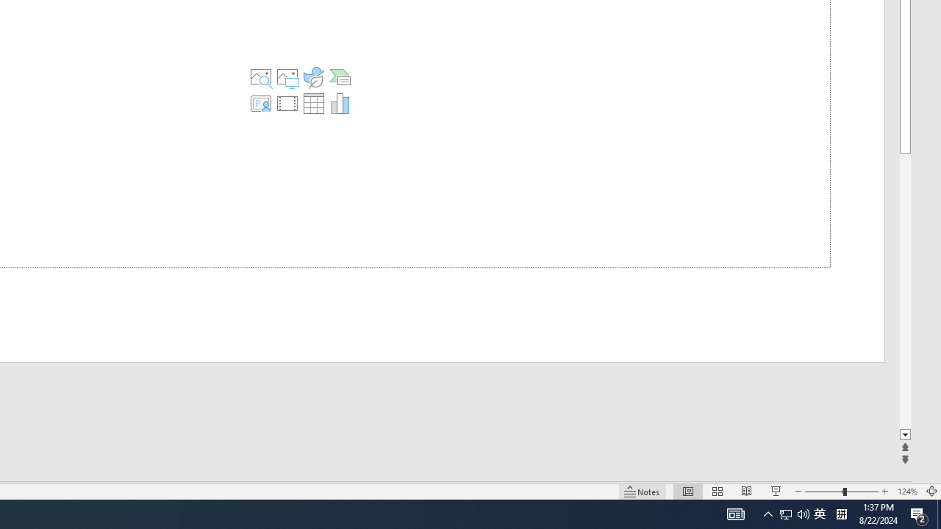  I want to click on 'Zoom 124%', so click(906, 492).